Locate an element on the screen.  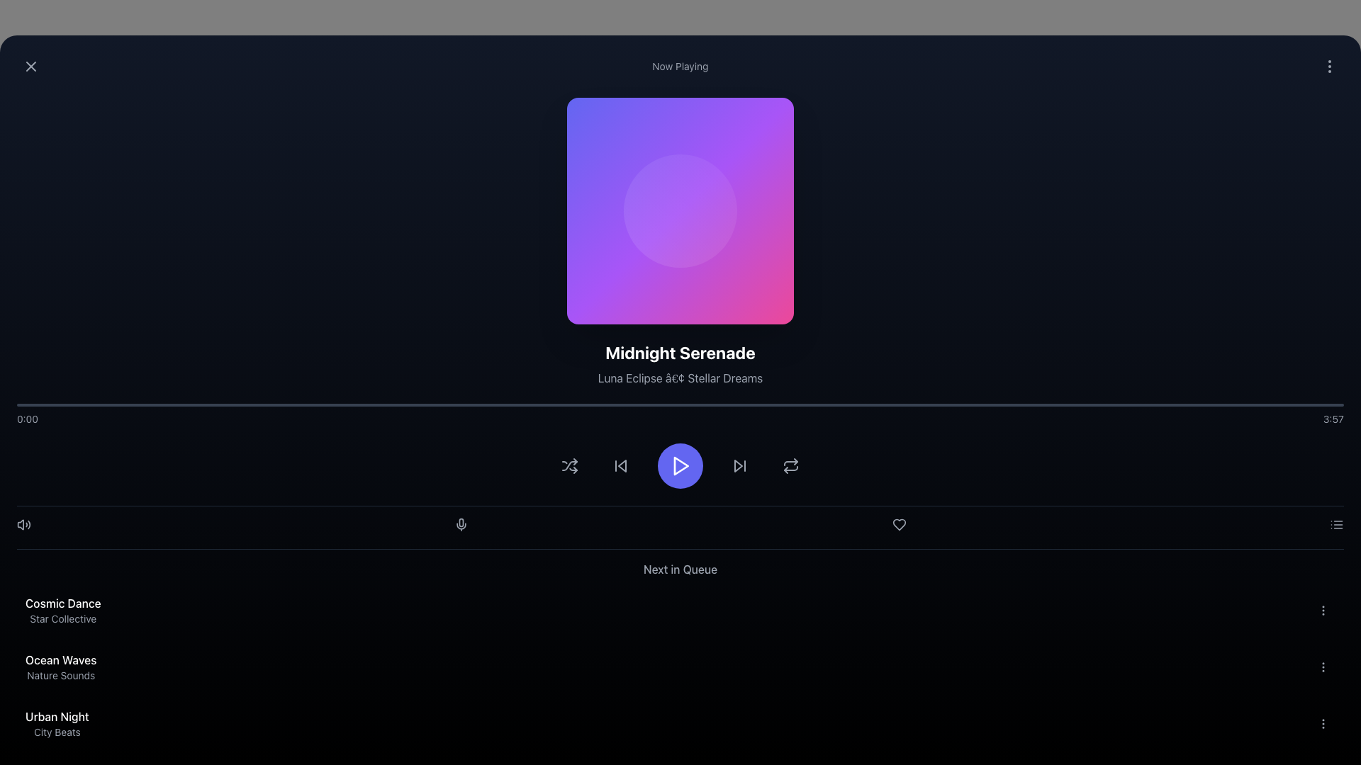
the close button located at the top-left corner of the interface to observe the hover effect is located at coordinates (30, 66).